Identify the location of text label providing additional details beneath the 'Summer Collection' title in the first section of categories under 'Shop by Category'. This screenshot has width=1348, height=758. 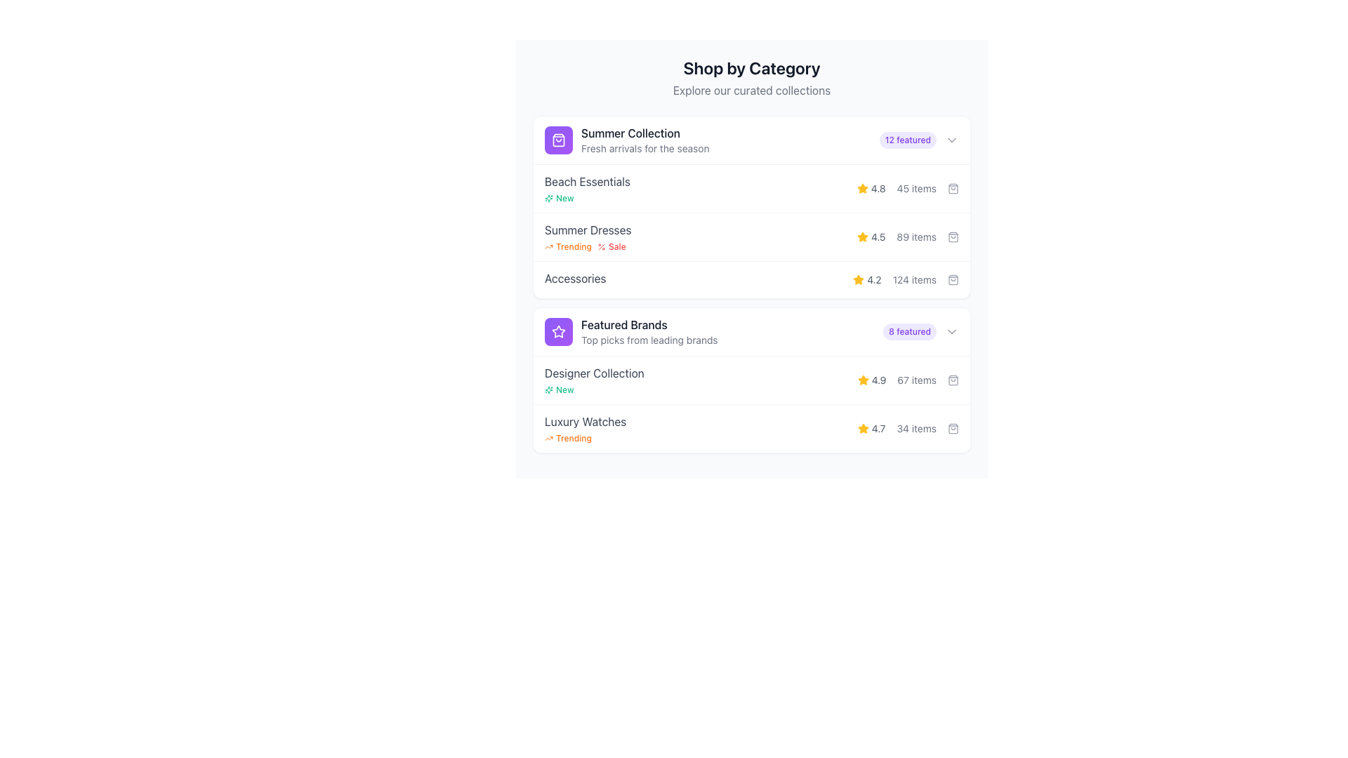
(645, 149).